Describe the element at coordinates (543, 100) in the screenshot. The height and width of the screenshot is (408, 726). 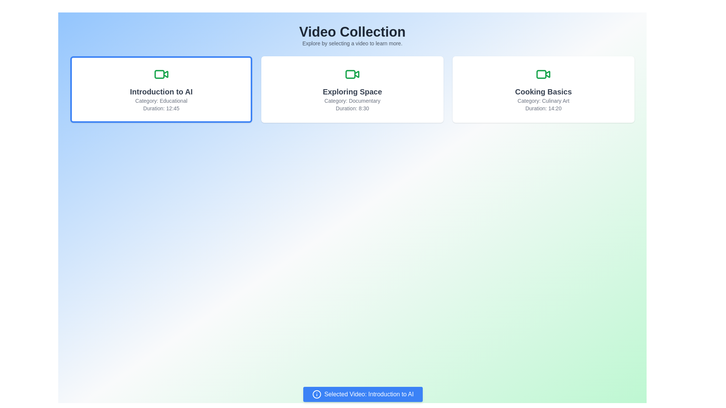
I see `text label that displays 'Category: Culinary Art', which is styled in a smaller gray font and located within the 'Cooking Basics' card, positioned below the title text` at that location.